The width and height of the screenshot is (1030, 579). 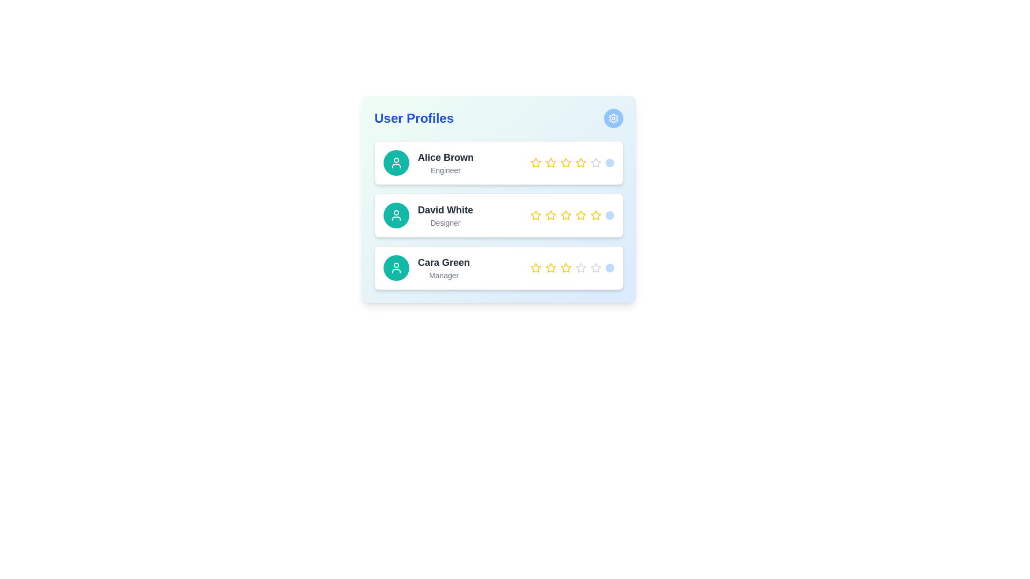 What do you see at coordinates (551, 268) in the screenshot?
I see `the second star` at bounding box center [551, 268].